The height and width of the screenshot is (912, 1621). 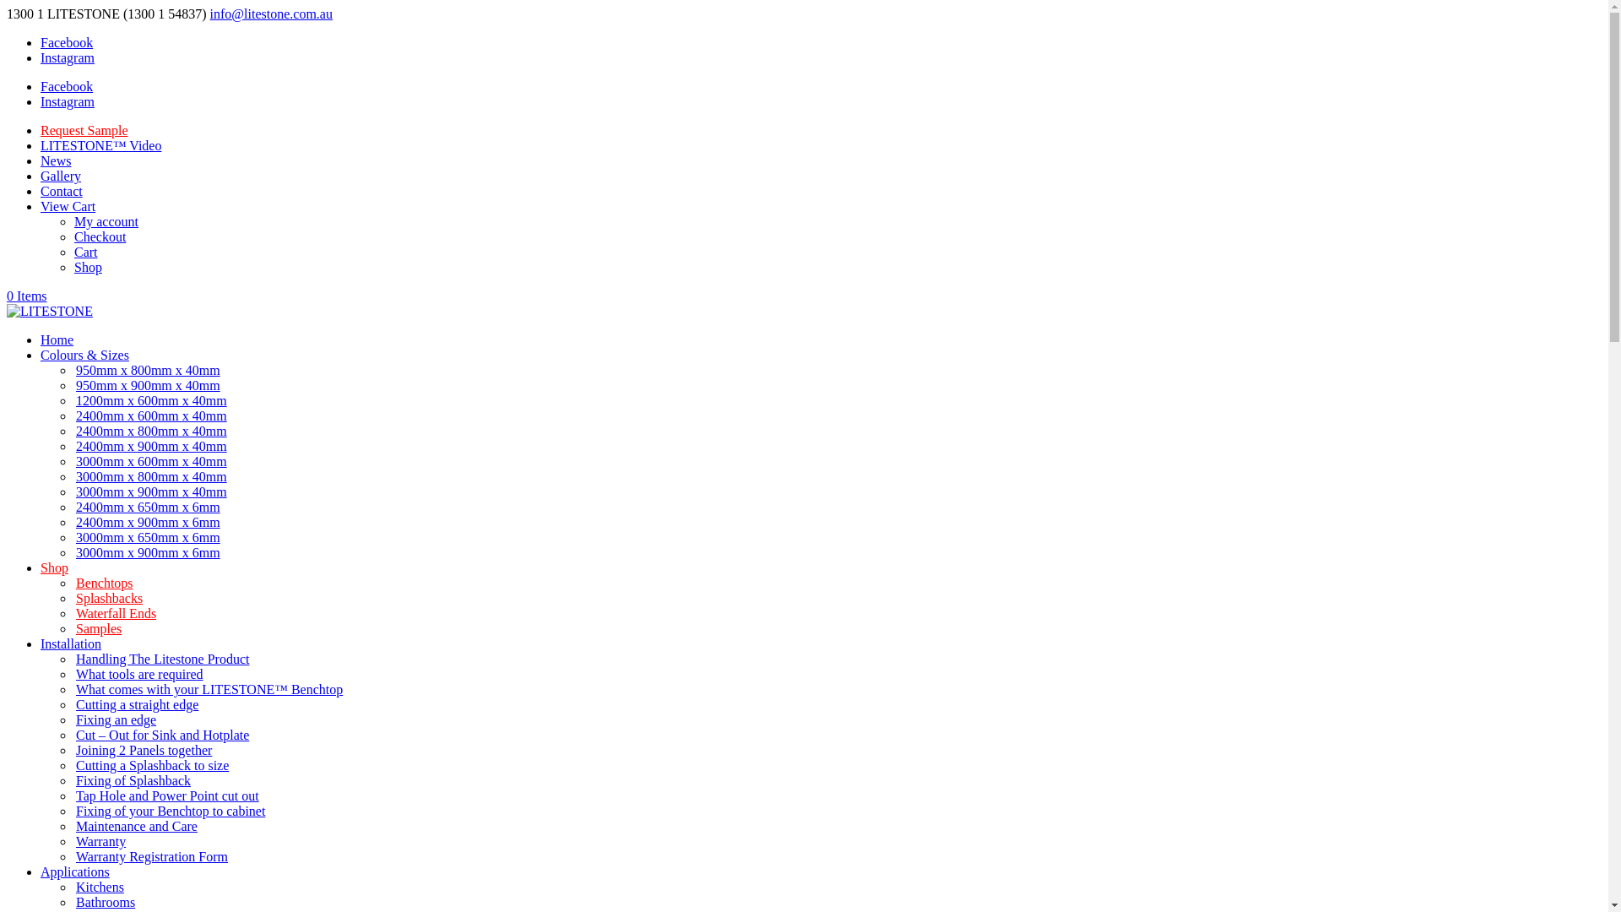 I want to click on 'View Cart', so click(x=68, y=205).